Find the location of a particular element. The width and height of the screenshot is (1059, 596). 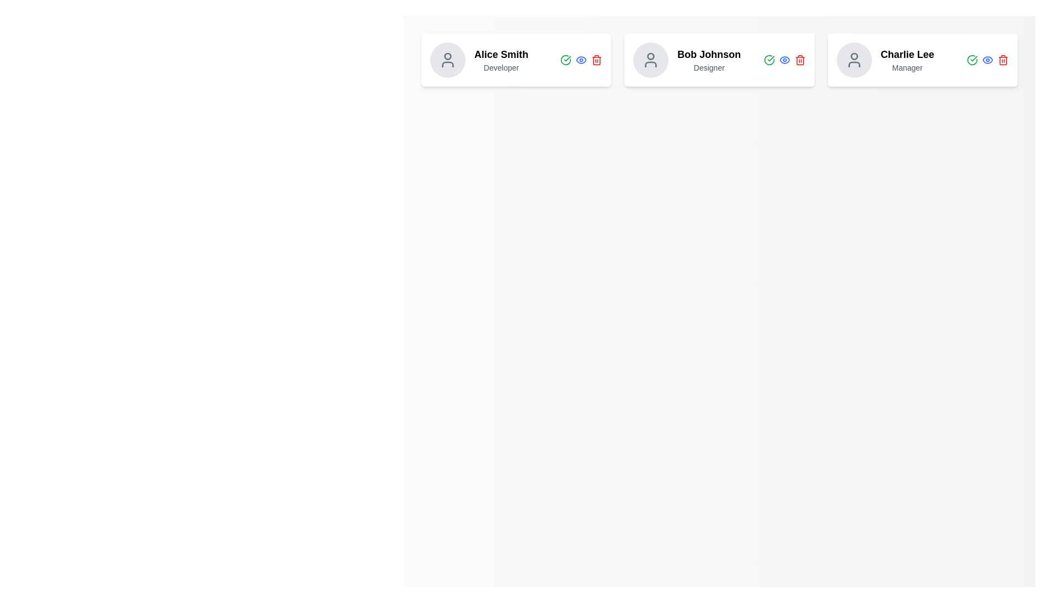

the confirmation icon button located at the top-right corner of Bob Johnson's profile card, which is the first icon in a row of interactive icons is located at coordinates (768, 60).